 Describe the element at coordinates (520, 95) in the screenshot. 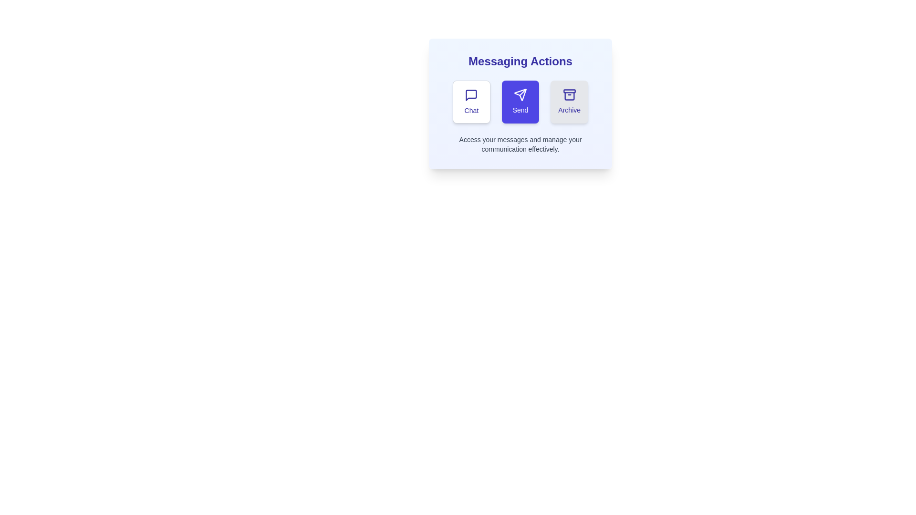

I see `the 'send' icon located at the center of the 'Send' button in a group of buttons labeled 'Chat', 'Send', and 'Archive'` at that location.